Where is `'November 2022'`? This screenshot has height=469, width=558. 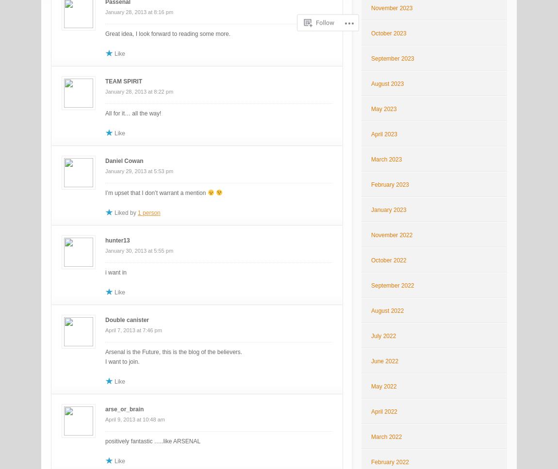
'November 2022' is located at coordinates (391, 235).